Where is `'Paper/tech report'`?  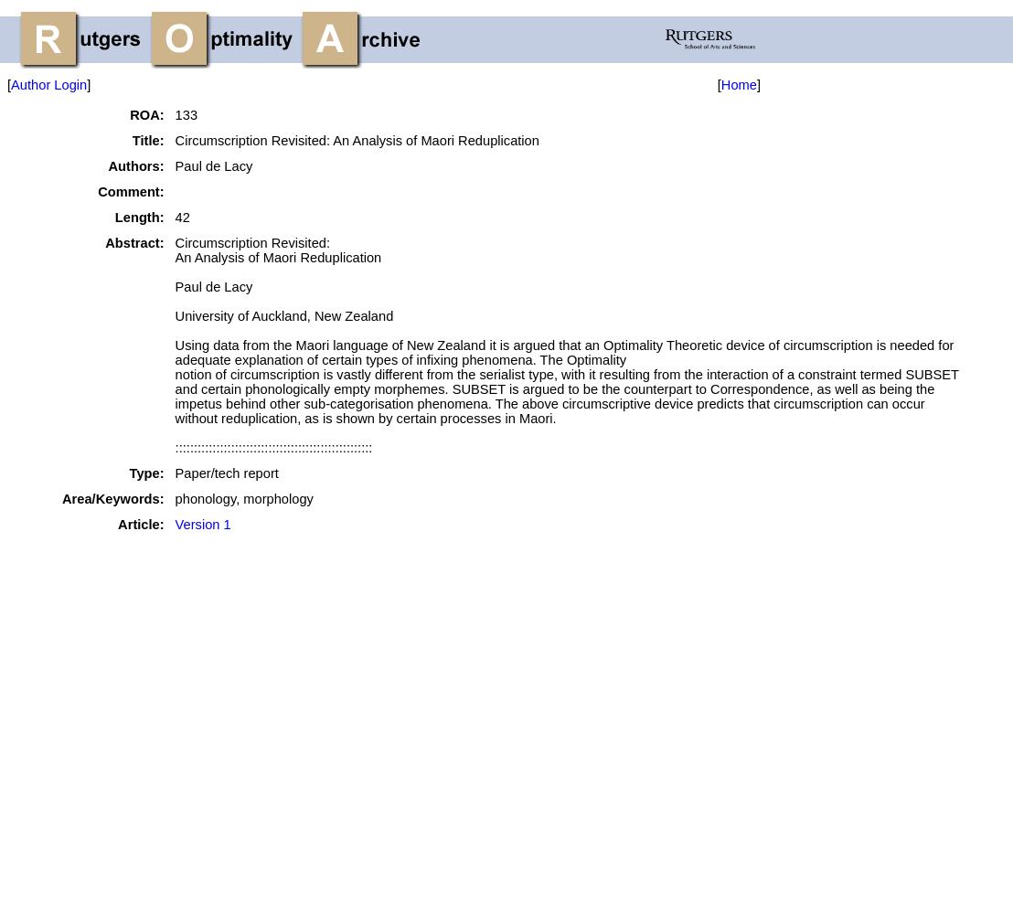
'Paper/tech report' is located at coordinates (225, 473).